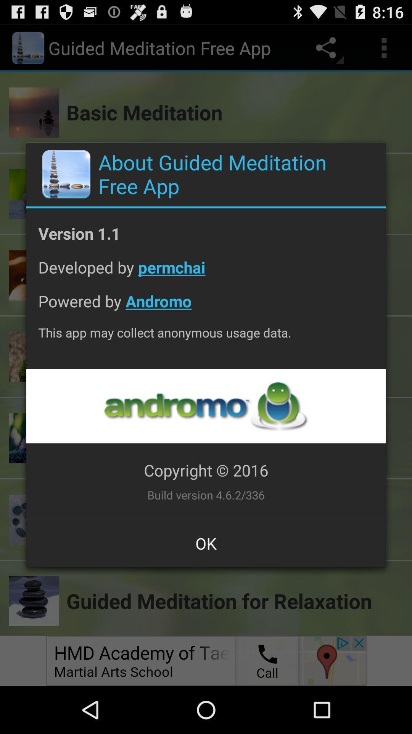 The height and width of the screenshot is (734, 412). I want to click on developed by permchai, so click(206, 273).